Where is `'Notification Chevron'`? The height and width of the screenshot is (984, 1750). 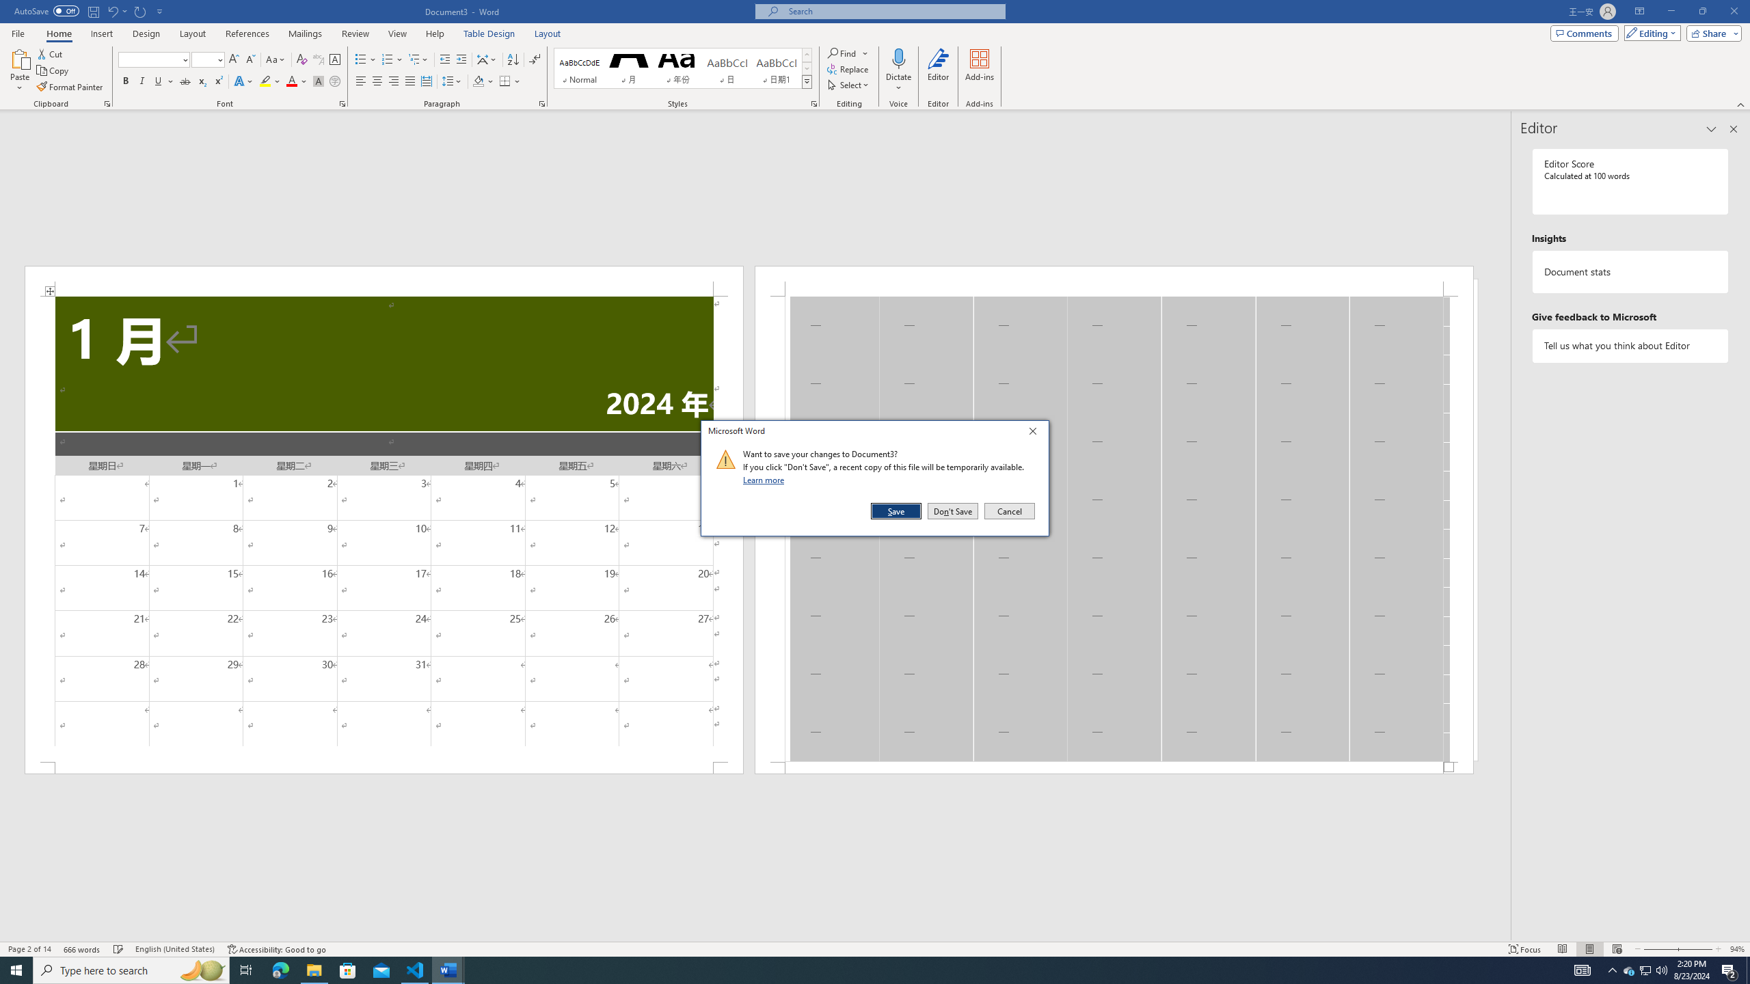 'Notification Chevron' is located at coordinates (1613, 969).